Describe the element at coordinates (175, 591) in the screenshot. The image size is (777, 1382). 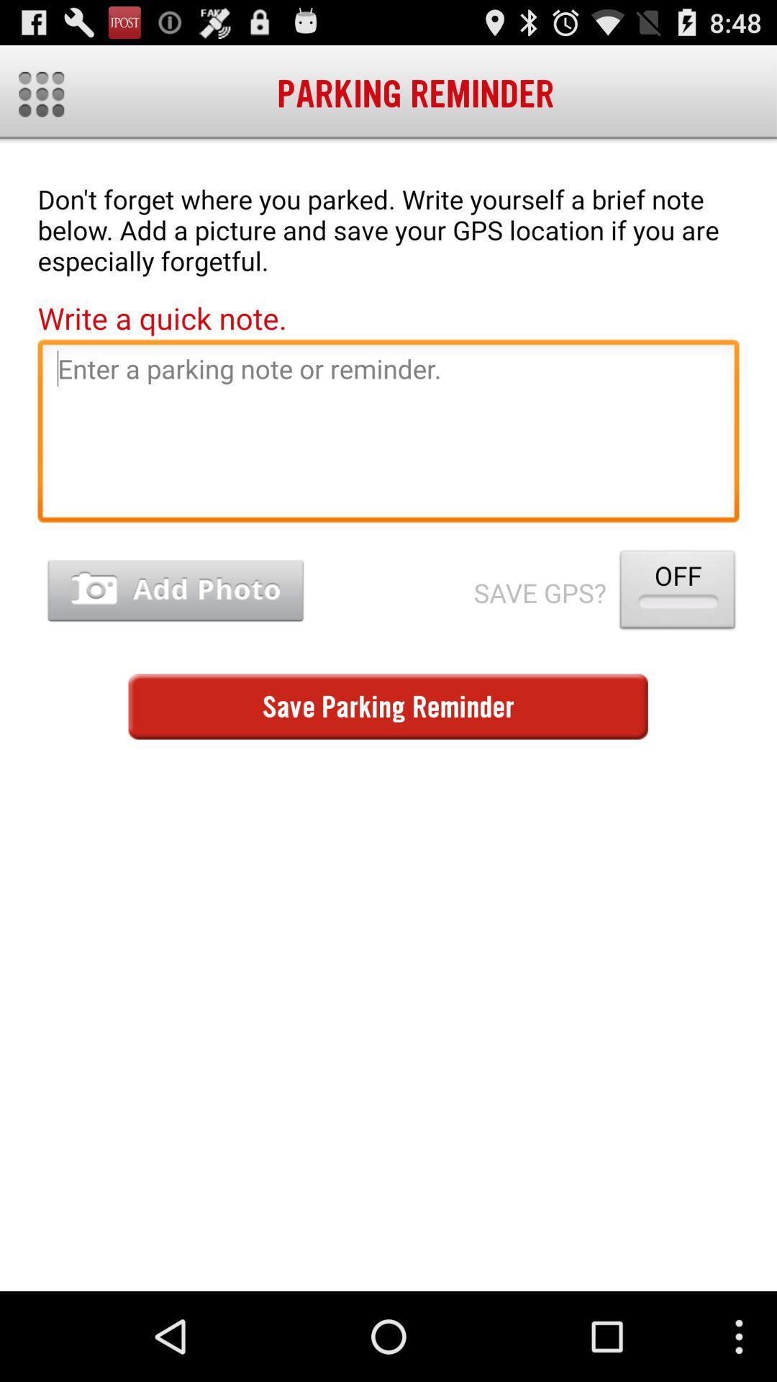
I see `item on the left` at that location.